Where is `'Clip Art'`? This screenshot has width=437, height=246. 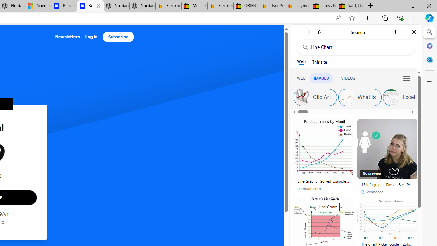 'Clip Art' is located at coordinates (315, 97).